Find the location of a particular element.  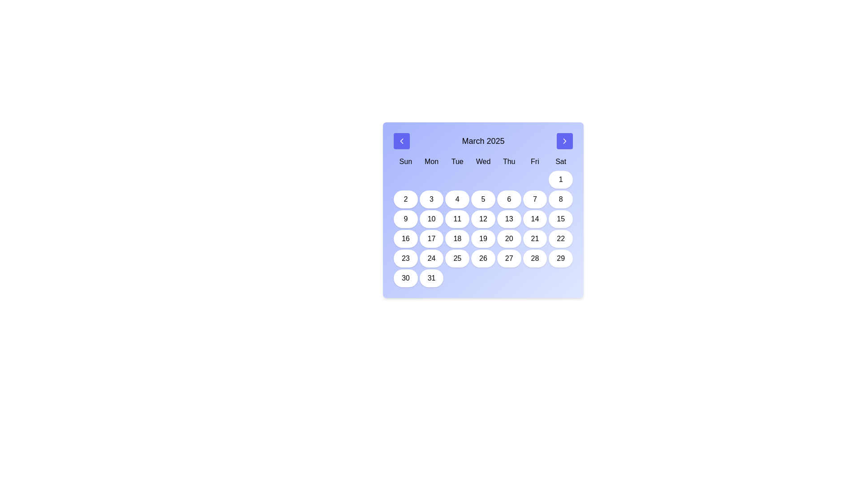

the small dot marker located above the number '4' in the Tuesday column of the calendar grid is located at coordinates (457, 180).